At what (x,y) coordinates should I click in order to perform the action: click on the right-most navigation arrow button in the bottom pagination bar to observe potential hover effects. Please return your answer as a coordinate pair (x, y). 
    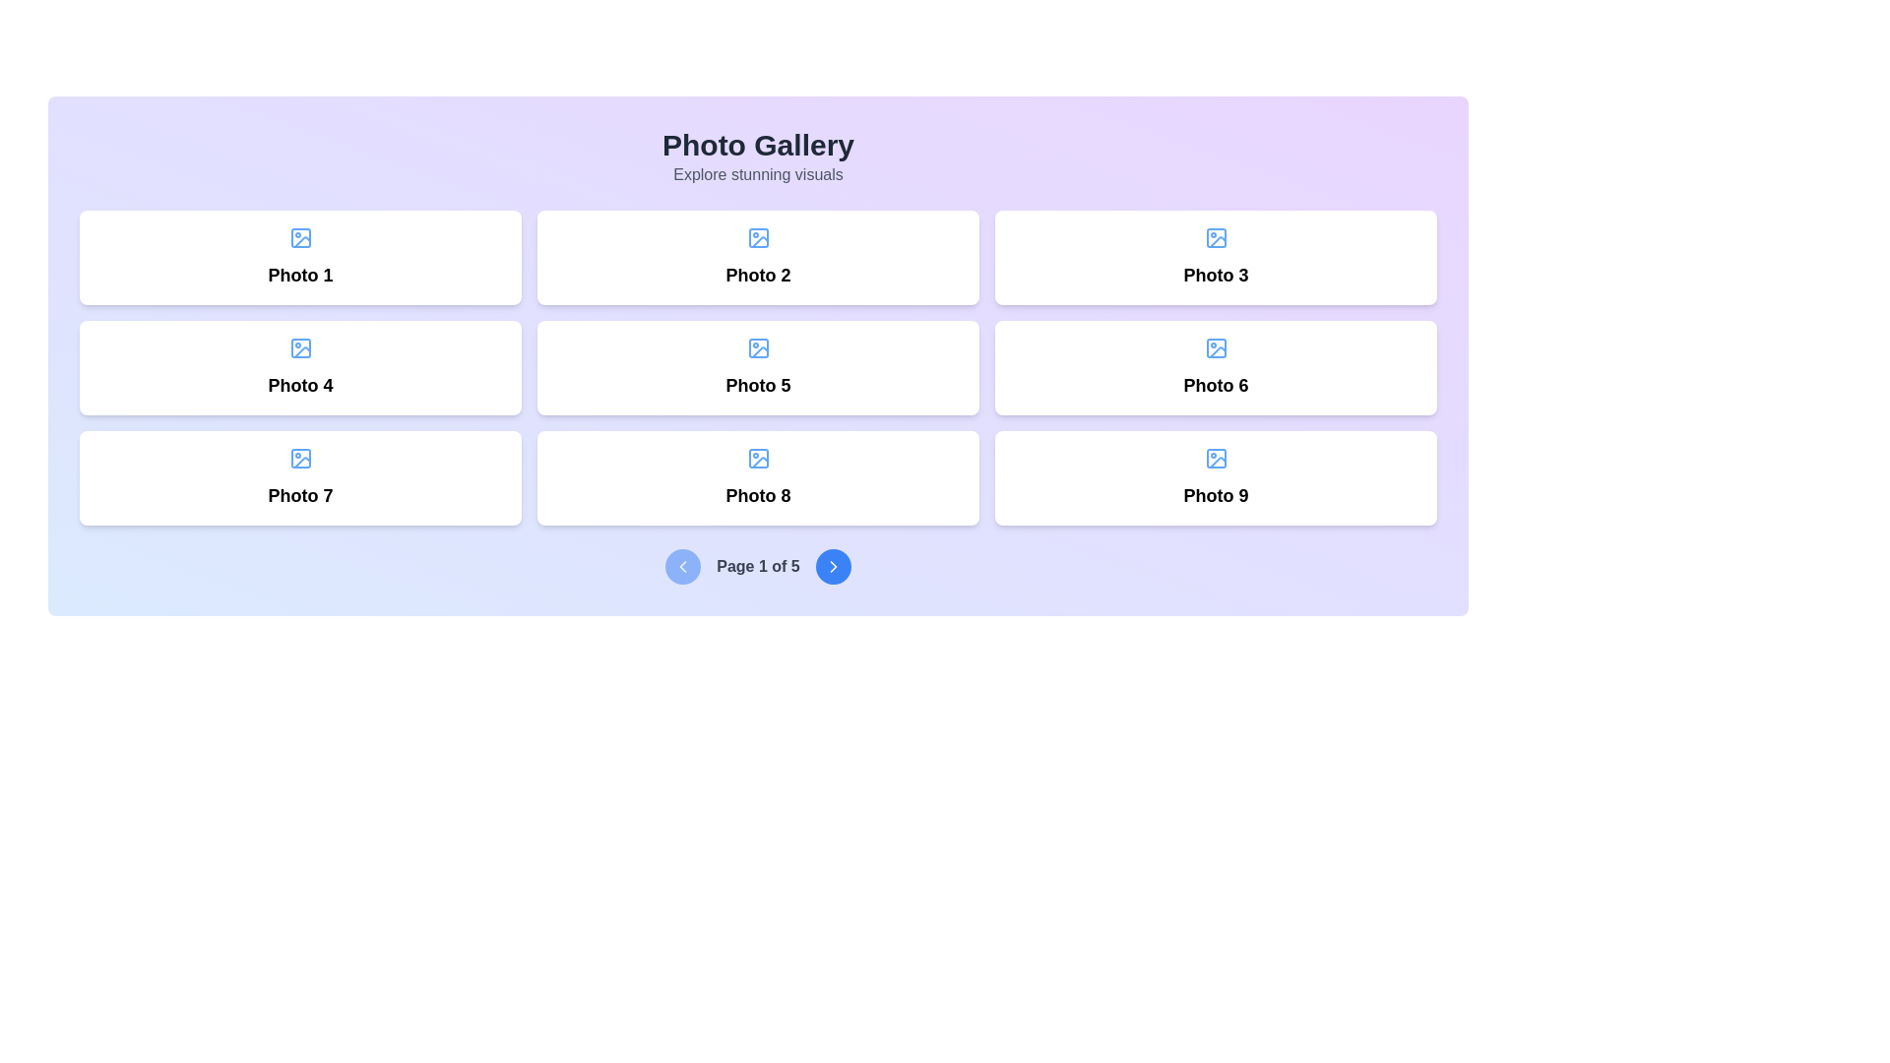
    Looking at the image, I should click on (833, 566).